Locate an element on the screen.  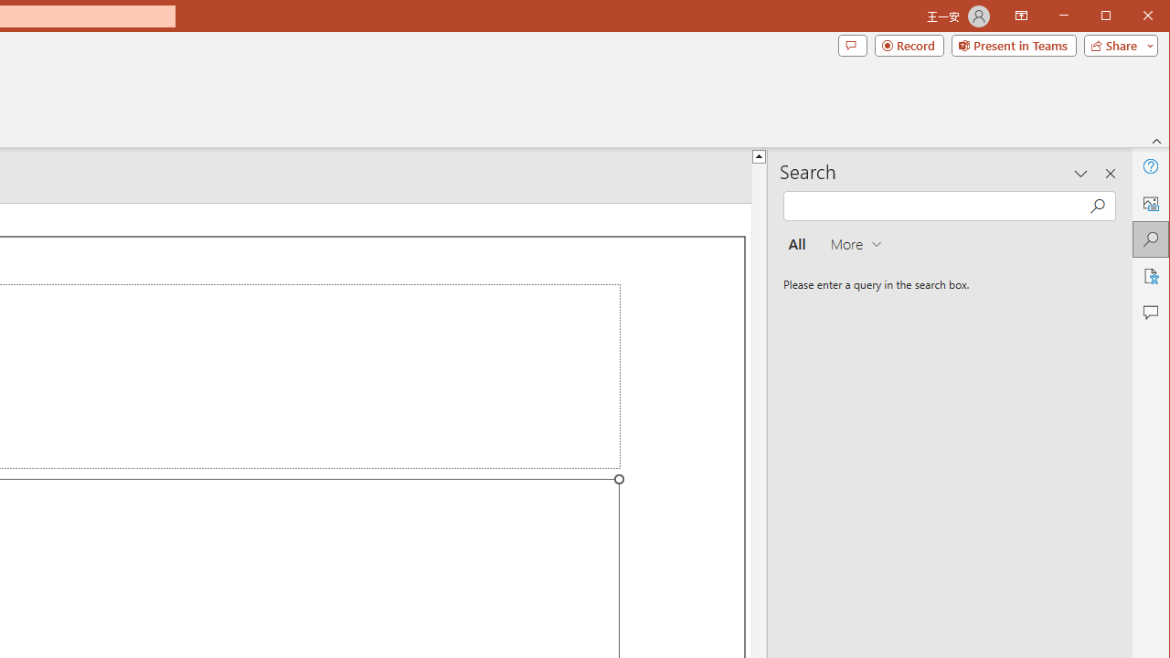
'Alt Text' is located at coordinates (1149, 203).